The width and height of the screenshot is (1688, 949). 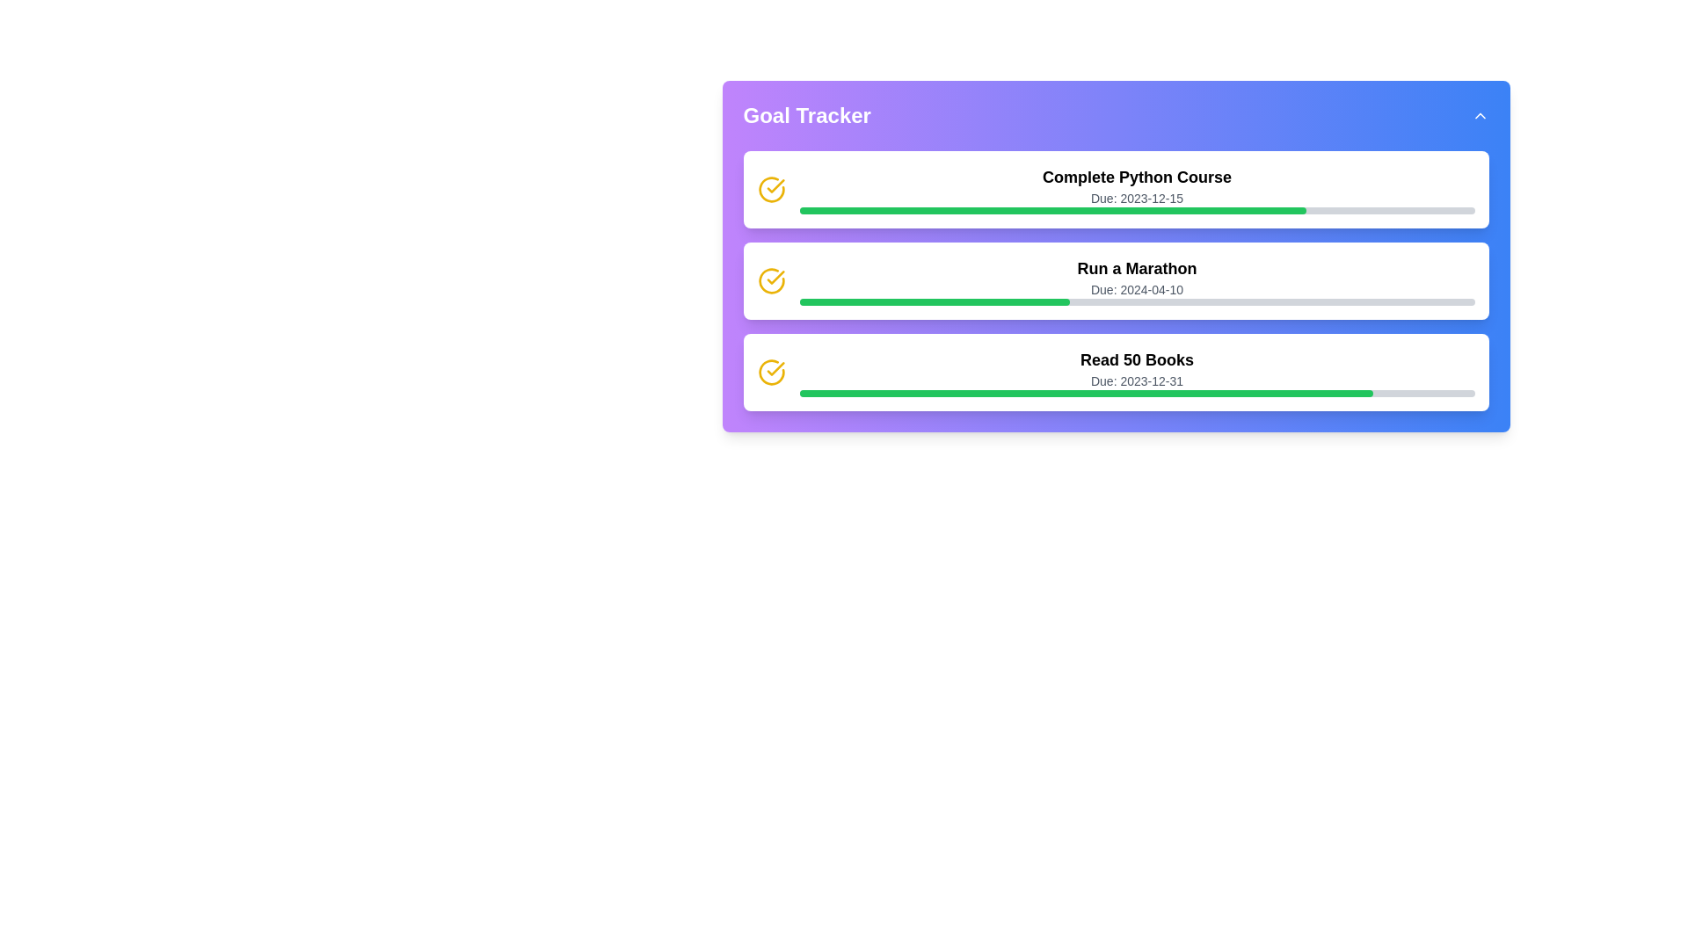 I want to click on the Text label displaying the due date for the goal 'Run a Marathon', which is positioned beneath the text 'Run a Marathon' and is non-interactive, so click(x=1137, y=289).